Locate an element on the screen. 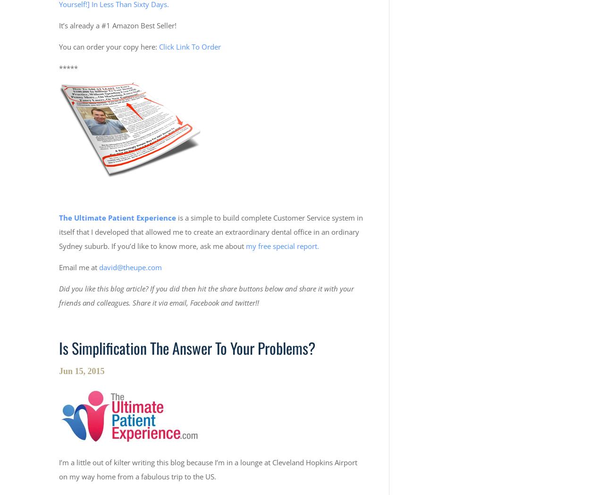 The width and height of the screenshot is (590, 495). 'Email me at' is located at coordinates (79, 267).